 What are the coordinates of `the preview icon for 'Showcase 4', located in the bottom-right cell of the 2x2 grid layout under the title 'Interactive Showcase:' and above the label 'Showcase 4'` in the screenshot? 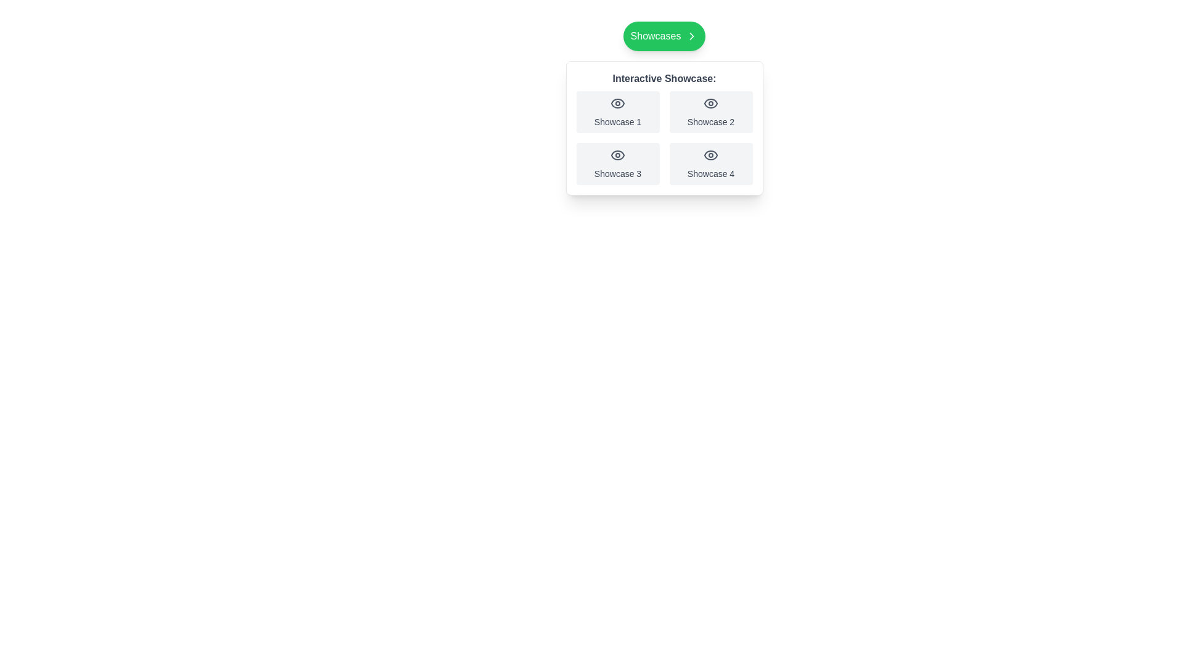 It's located at (710, 154).